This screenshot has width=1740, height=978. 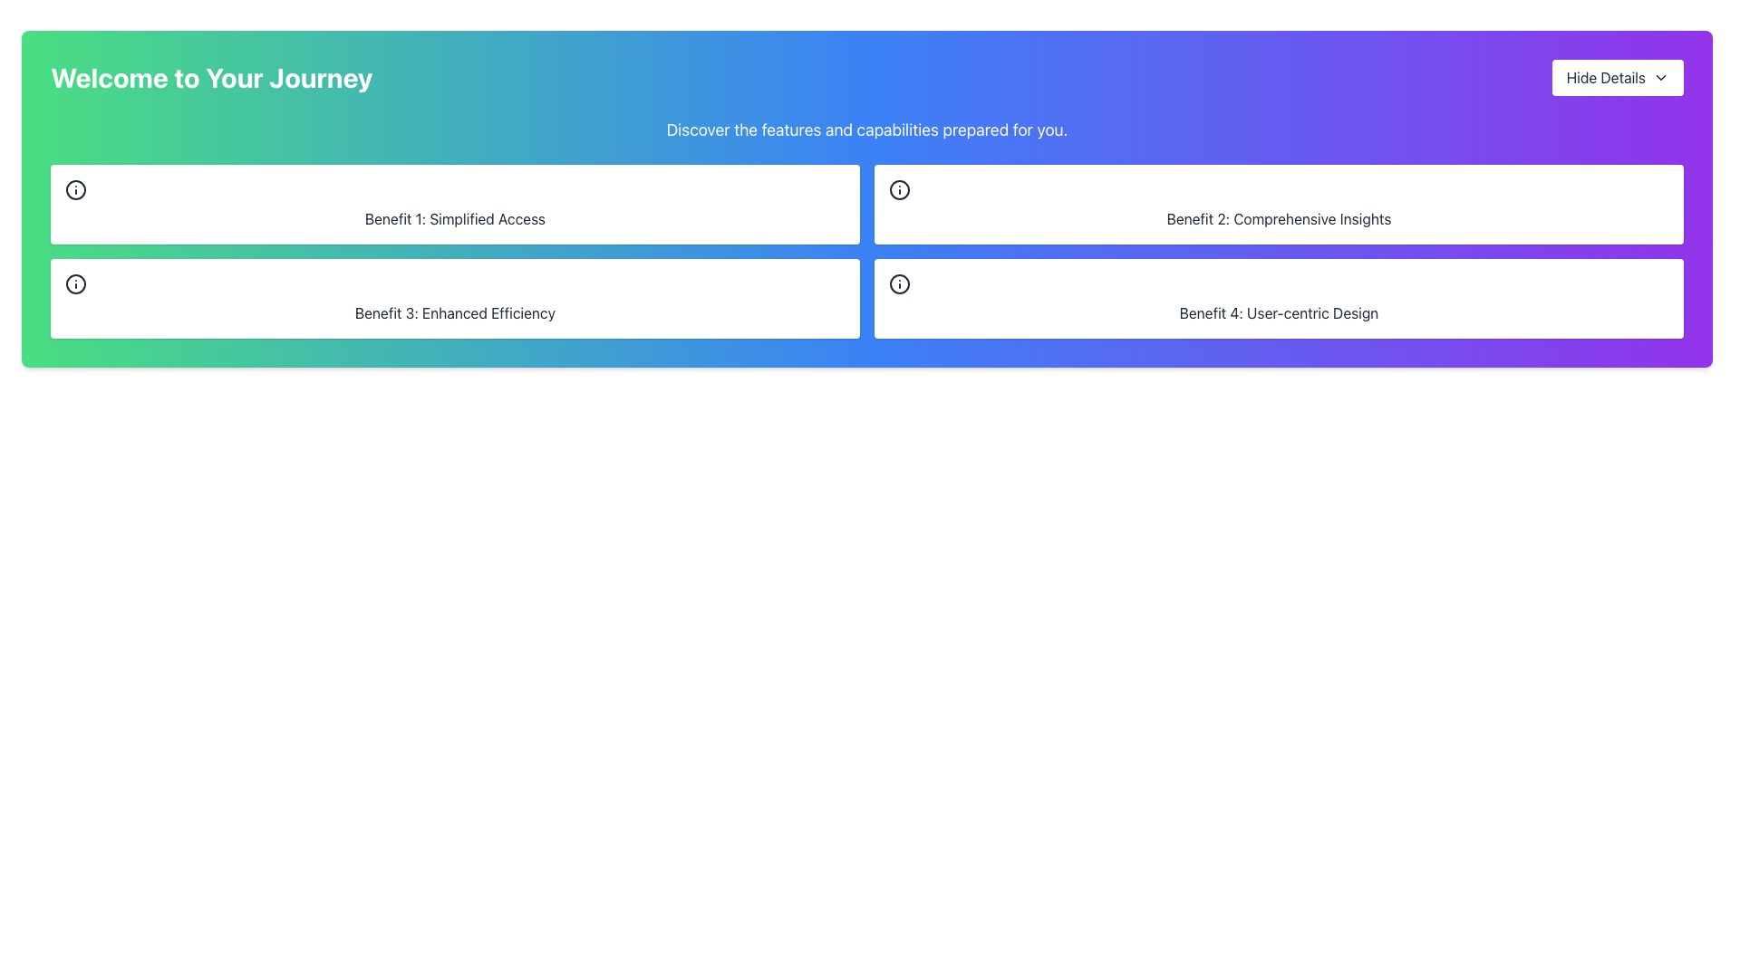 What do you see at coordinates (211, 76) in the screenshot?
I see `the header text element that displays 'Welcome to Your Journey' in bold, large font with a gradient background transitioning from green to blue` at bounding box center [211, 76].